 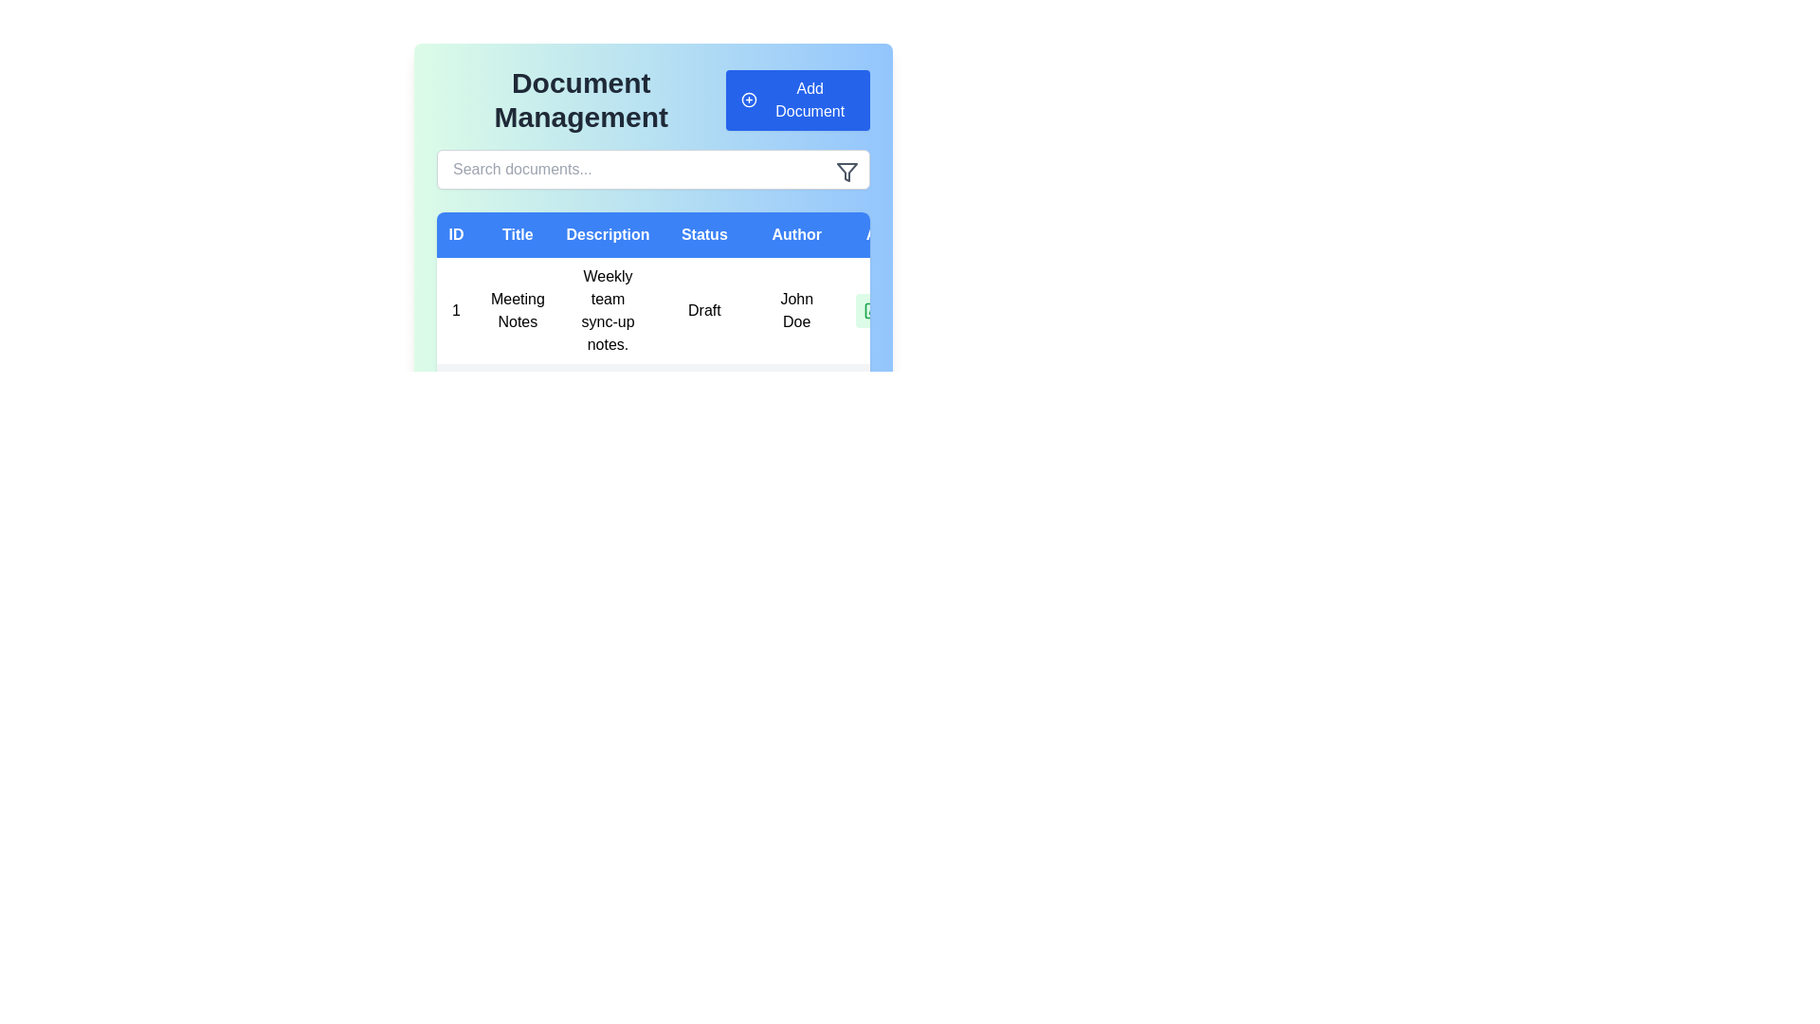 I want to click on the text label displaying 'Meeting Notes', which is located in the second column of the first row in a tabular structure, so click(x=518, y=309).